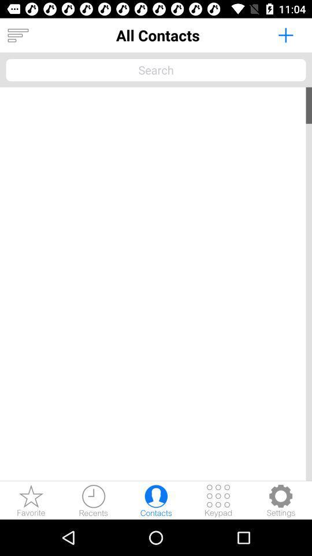 The width and height of the screenshot is (312, 556). Describe the element at coordinates (156, 69) in the screenshot. I see `input search request` at that location.